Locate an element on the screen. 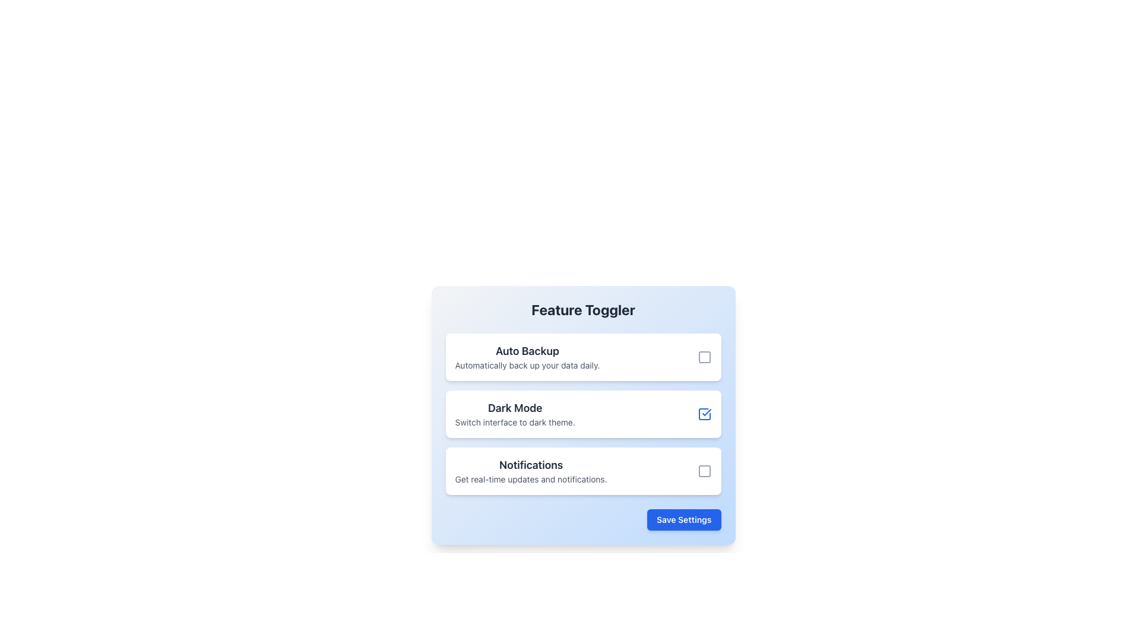  the 'Auto Backup' section with a checkbox is located at coordinates (583, 356).